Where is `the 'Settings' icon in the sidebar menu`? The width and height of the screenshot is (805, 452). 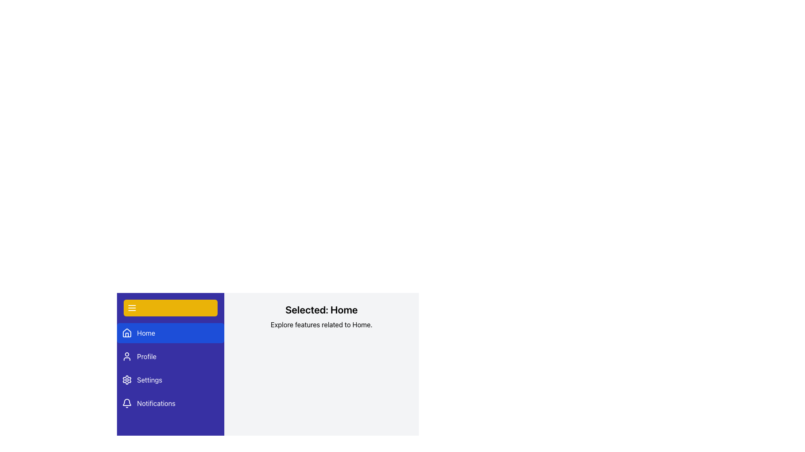
the 'Settings' icon in the sidebar menu is located at coordinates (126, 380).